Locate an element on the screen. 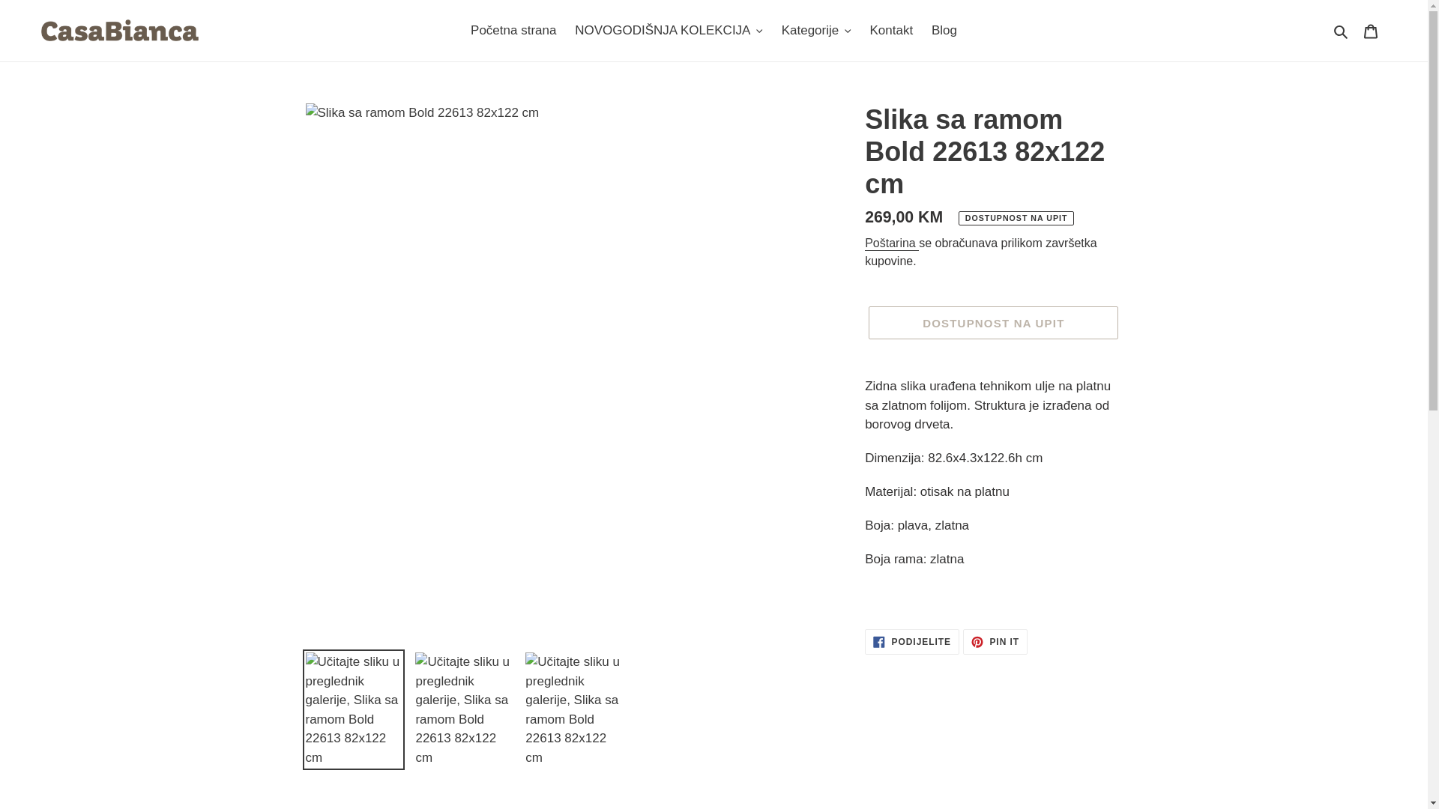  'Kontakt' is located at coordinates (891, 31).